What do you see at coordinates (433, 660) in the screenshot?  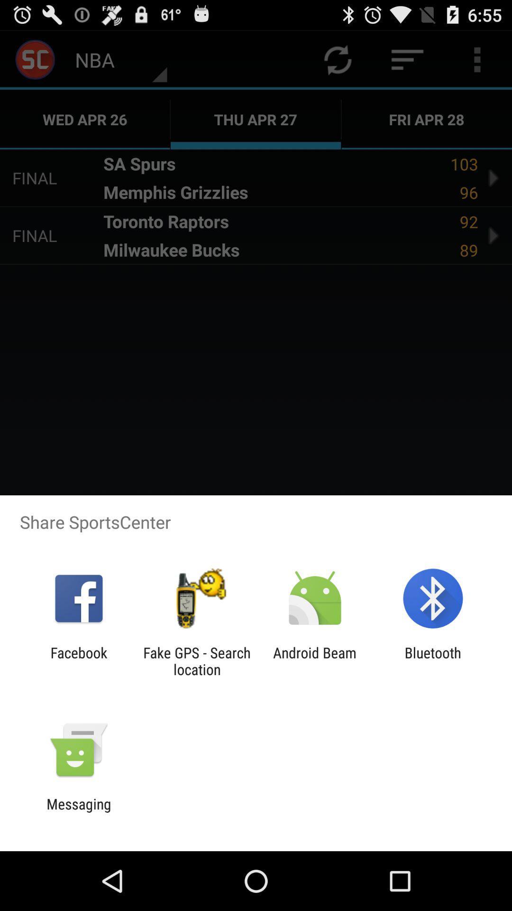 I see `icon to the right of android beam item` at bounding box center [433, 660].